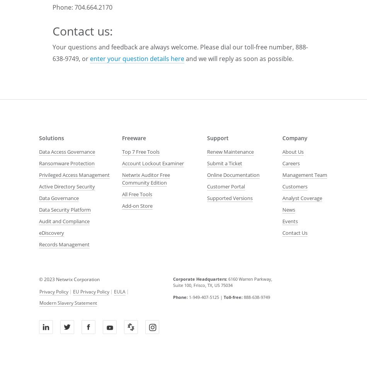 The height and width of the screenshot is (368, 367). What do you see at coordinates (67, 186) in the screenshot?
I see `'Active Directory Security'` at bounding box center [67, 186].